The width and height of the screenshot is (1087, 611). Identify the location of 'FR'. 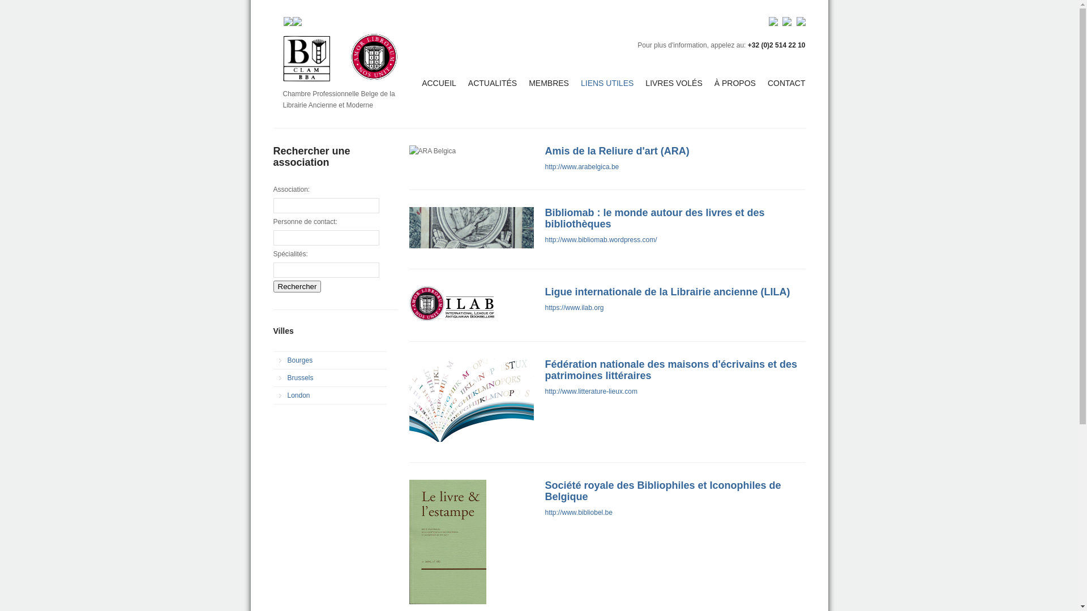
(774, 24).